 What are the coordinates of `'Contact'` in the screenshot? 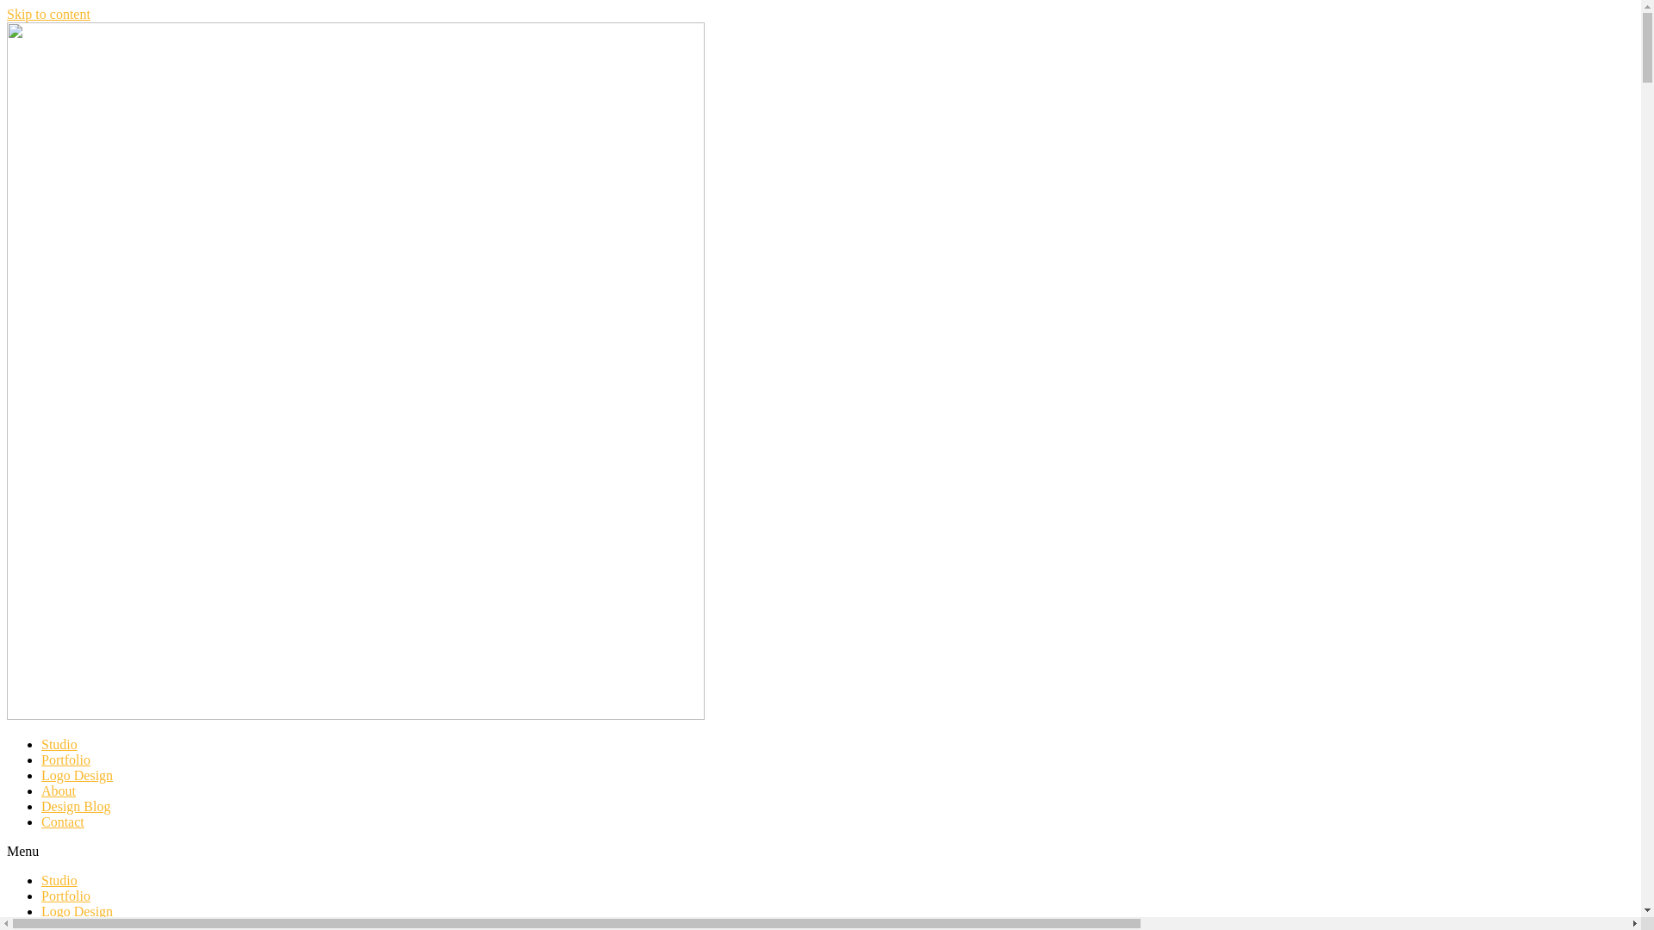 It's located at (41, 821).